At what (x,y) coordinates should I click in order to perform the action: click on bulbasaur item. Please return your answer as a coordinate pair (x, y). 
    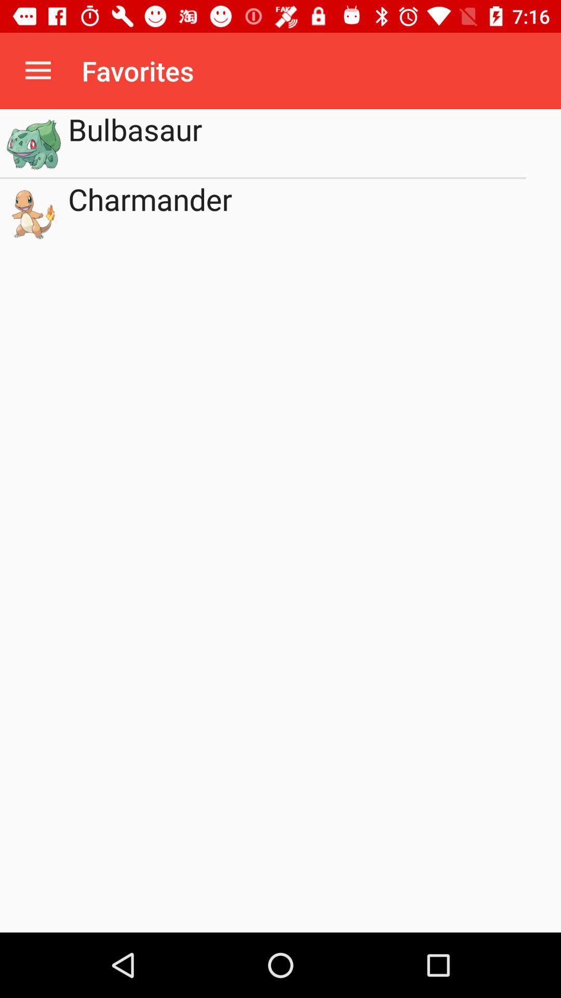
    Looking at the image, I should click on (297, 142).